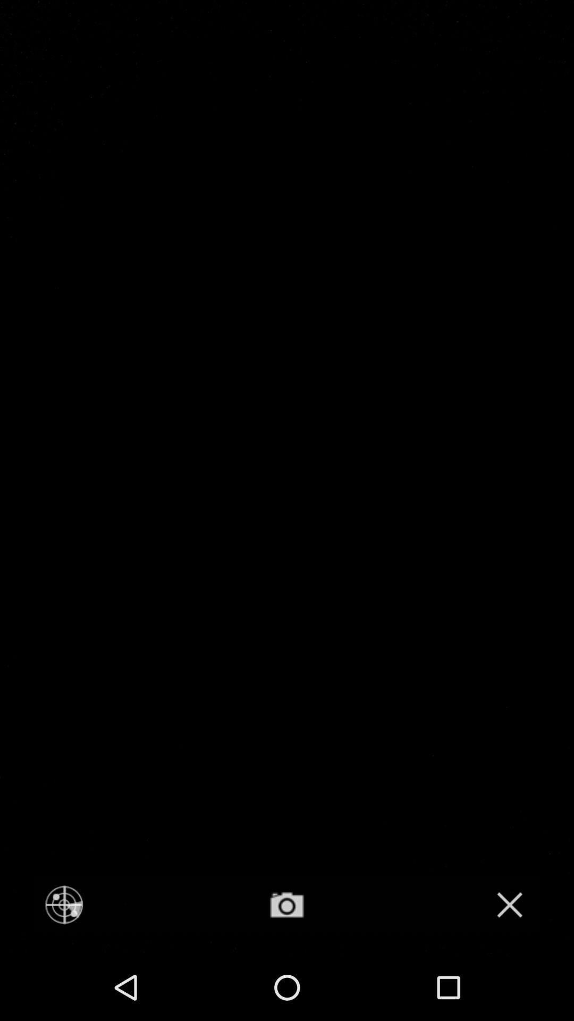 The width and height of the screenshot is (574, 1021). I want to click on the close icon, so click(509, 968).